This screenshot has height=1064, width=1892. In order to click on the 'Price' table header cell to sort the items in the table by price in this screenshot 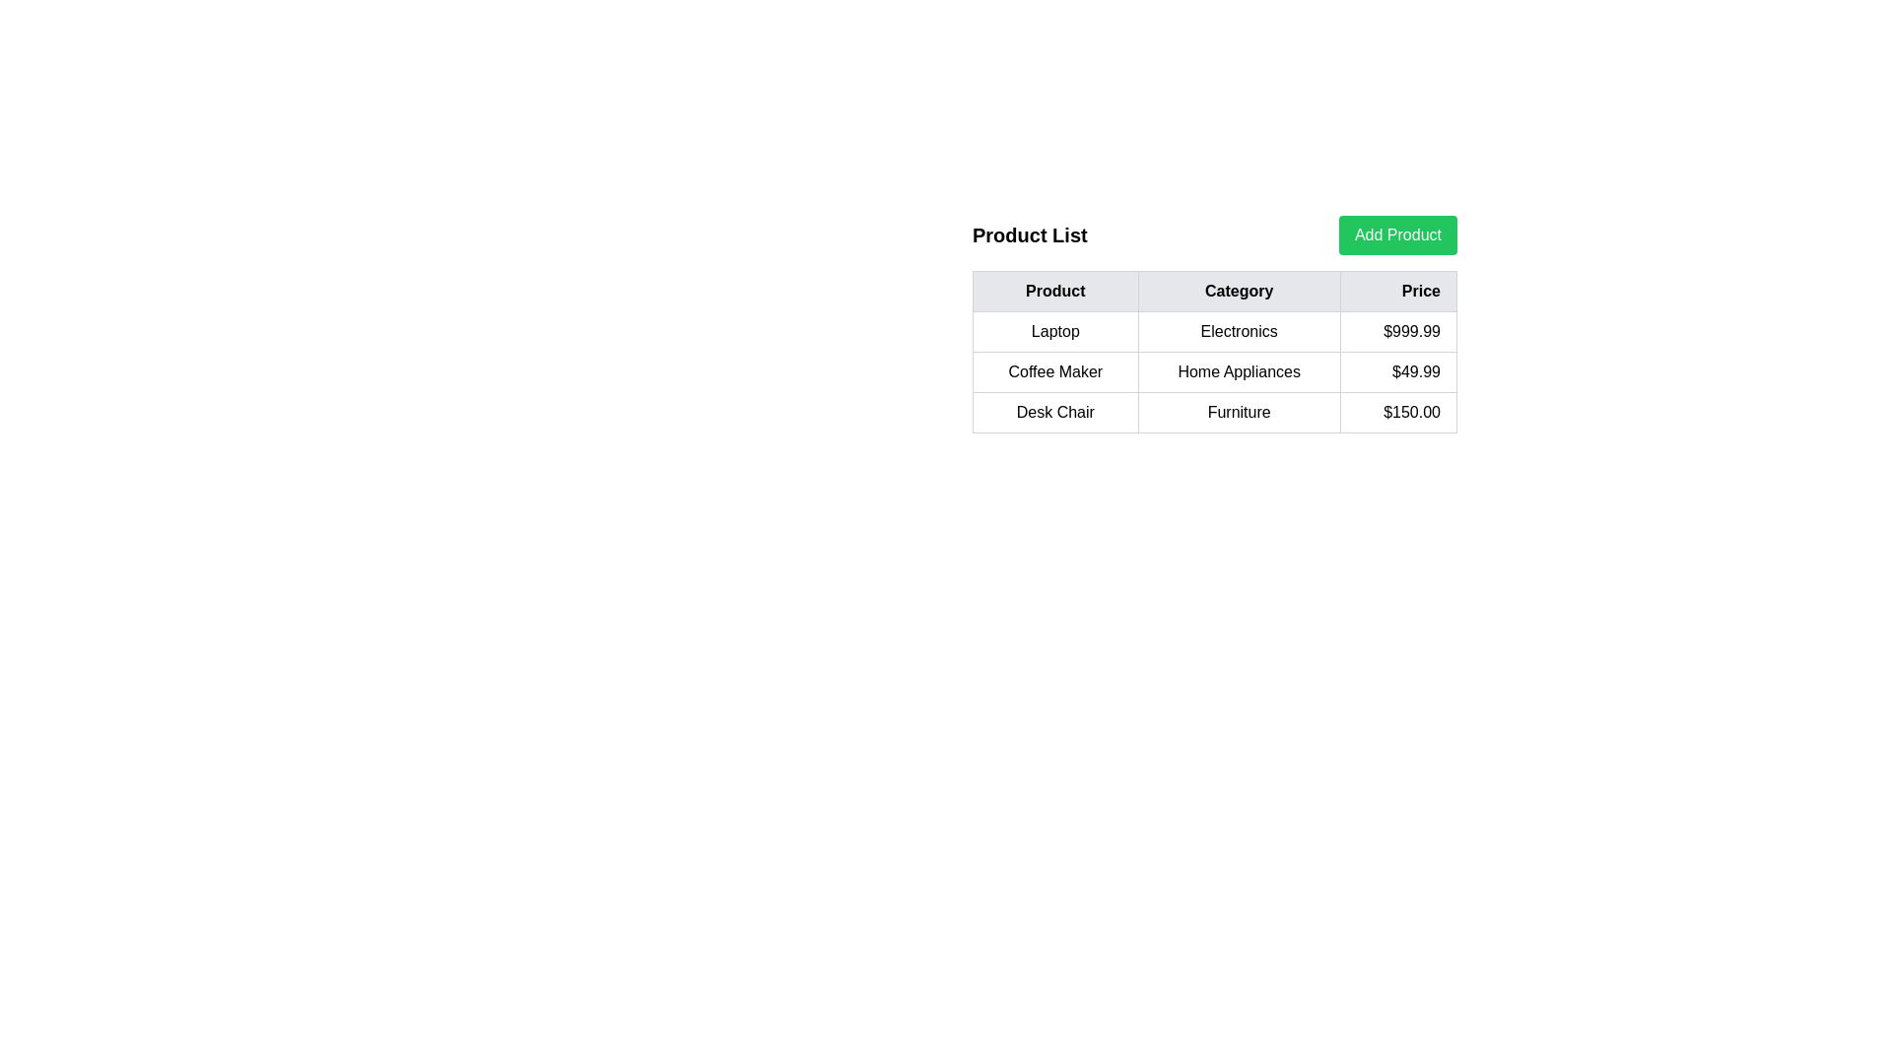, I will do `click(1397, 292)`.